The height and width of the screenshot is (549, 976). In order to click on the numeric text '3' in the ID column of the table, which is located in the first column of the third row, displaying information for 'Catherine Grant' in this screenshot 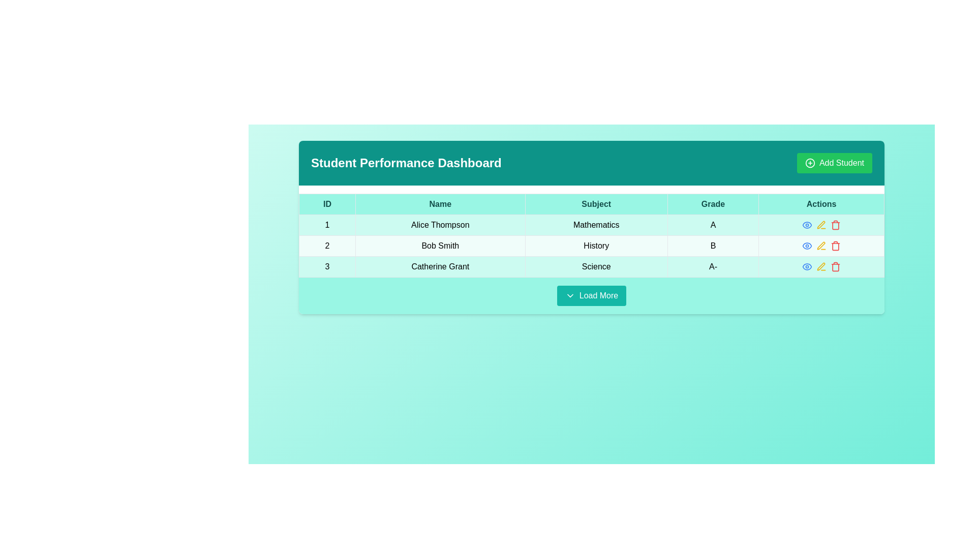, I will do `click(327, 266)`.